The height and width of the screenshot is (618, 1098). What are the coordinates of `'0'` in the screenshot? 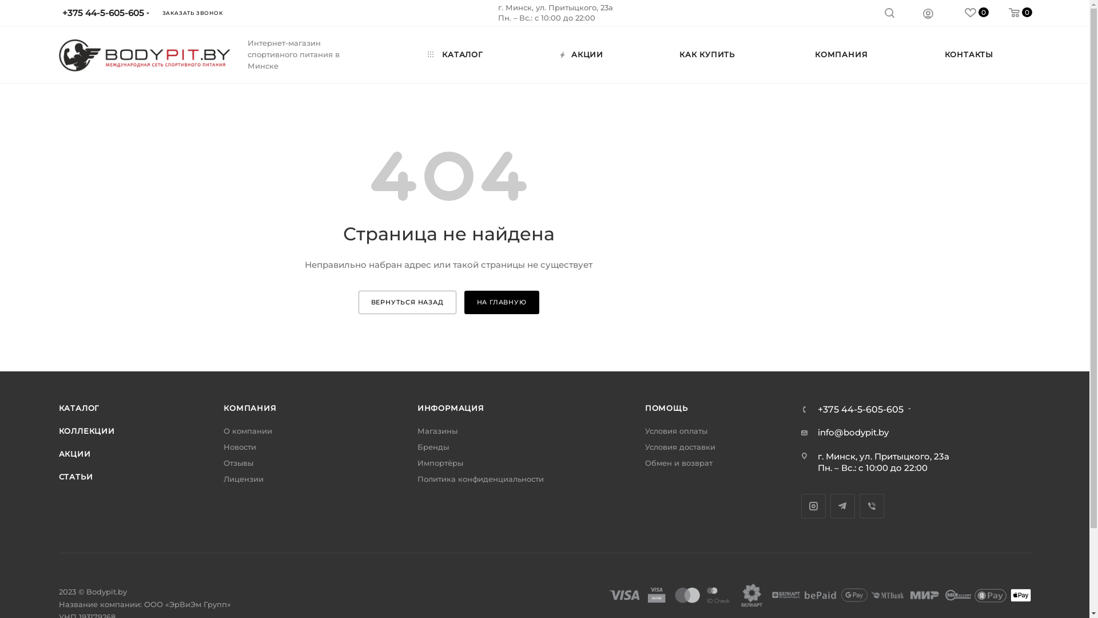 It's located at (988, 13).